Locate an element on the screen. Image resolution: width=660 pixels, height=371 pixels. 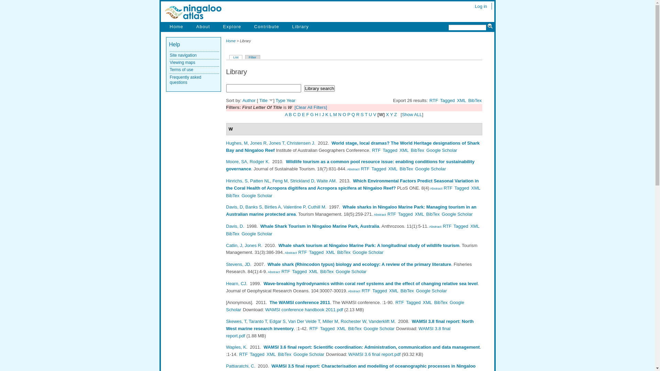
'I' is located at coordinates (320, 114).